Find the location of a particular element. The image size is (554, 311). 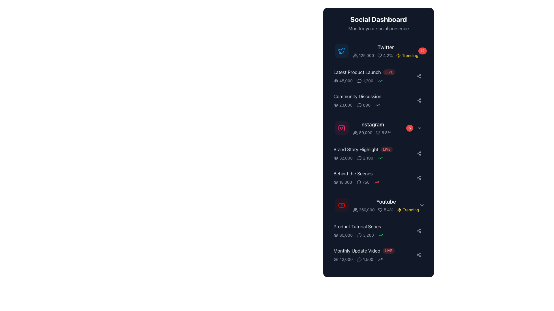

the 'share' icon button located at the rightmost side of the 'Product Tutorial Series' list item is located at coordinates (419, 230).